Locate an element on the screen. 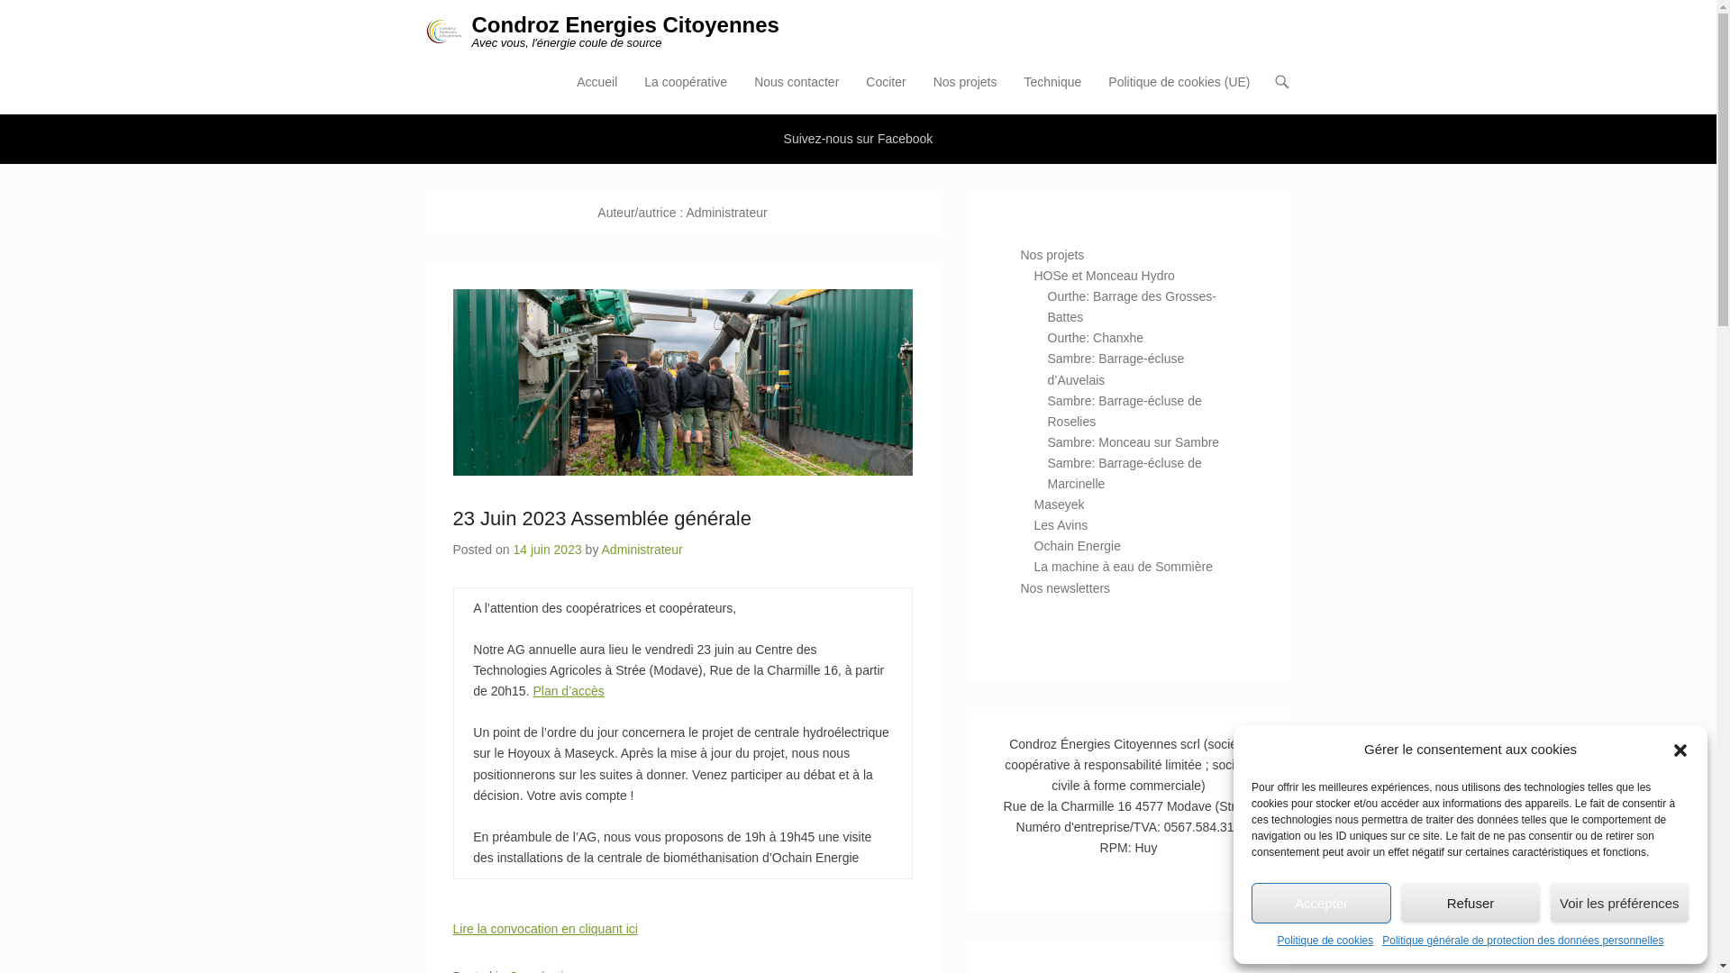  'Les Avins' is located at coordinates (1061, 524).